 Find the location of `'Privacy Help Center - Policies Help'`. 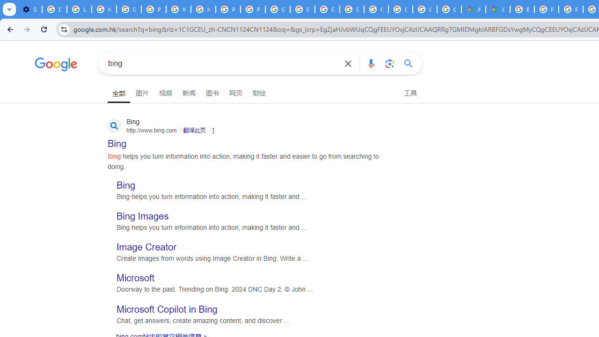

'Privacy Help Center - Policies Help' is located at coordinates (570, 9).